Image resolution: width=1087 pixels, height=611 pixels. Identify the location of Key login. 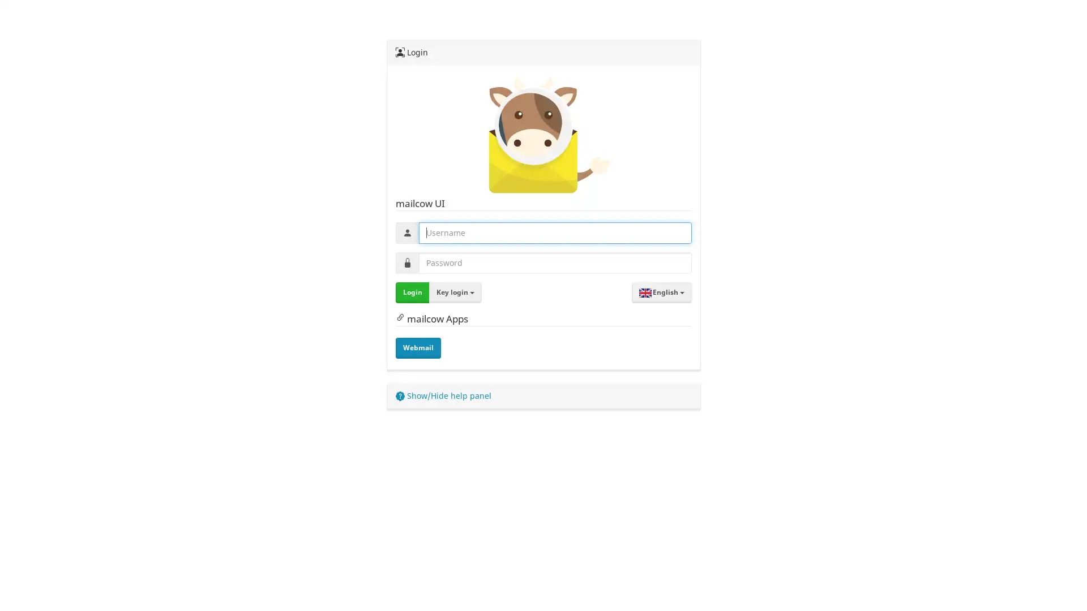
(455, 291).